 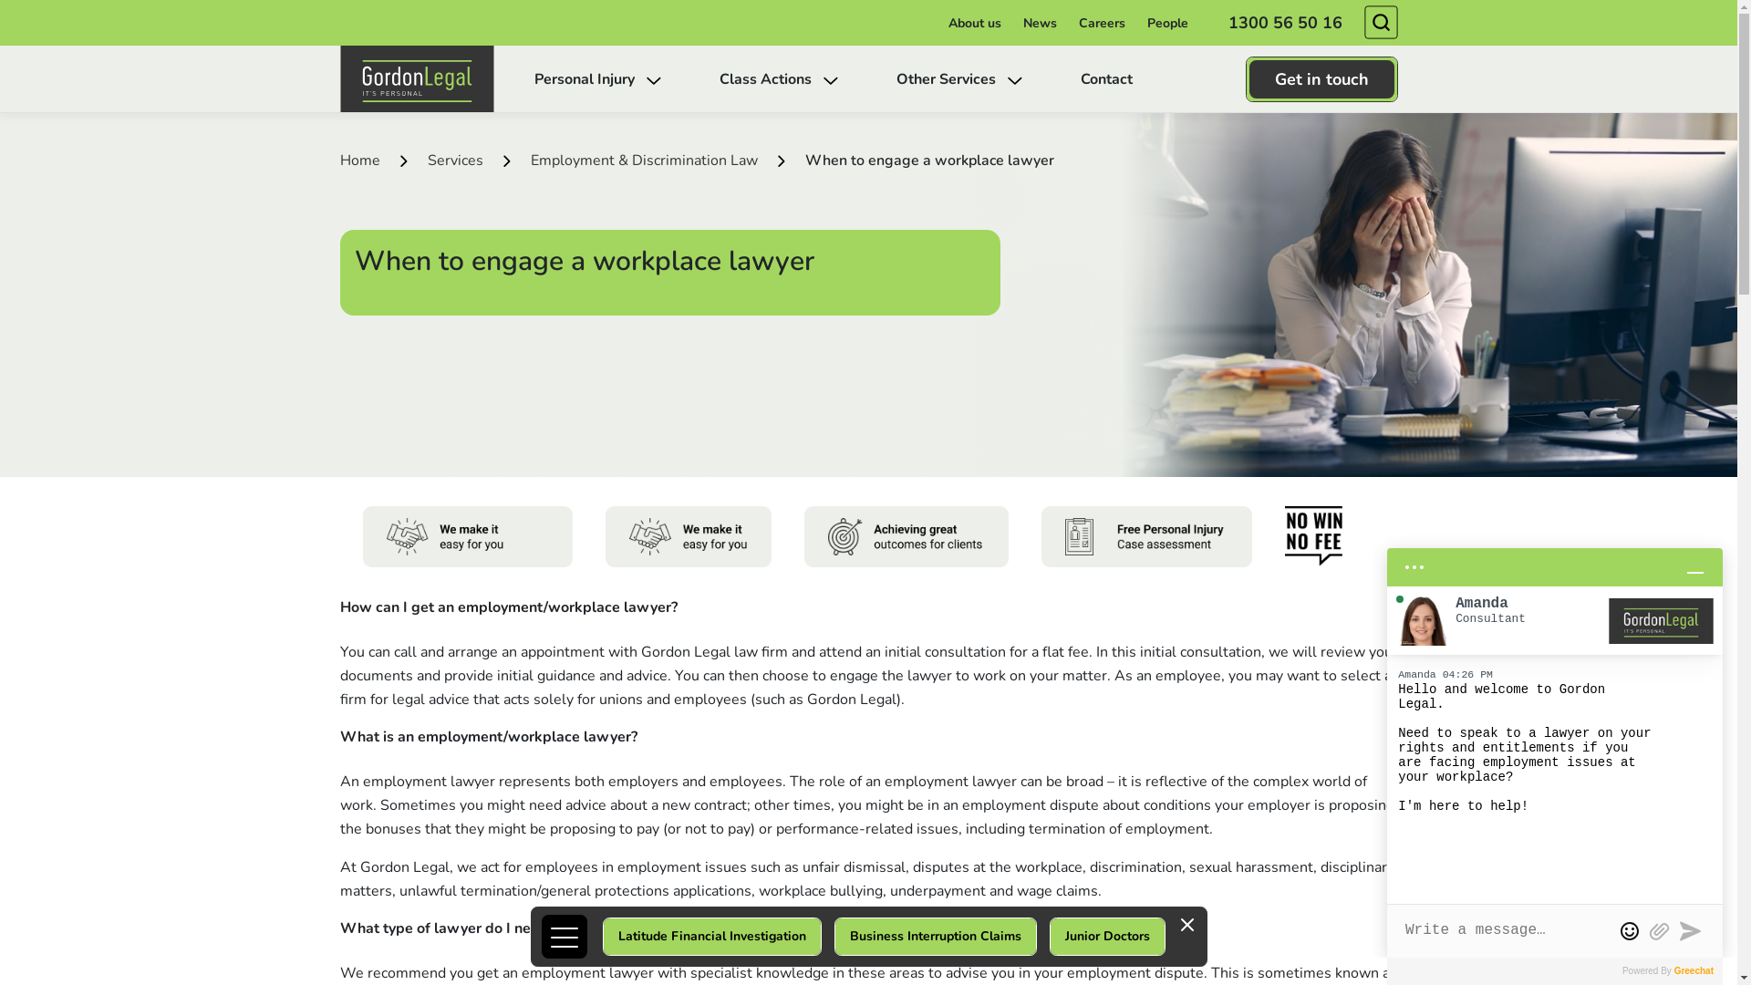 I want to click on 'Search', so click(x=1381, y=22).